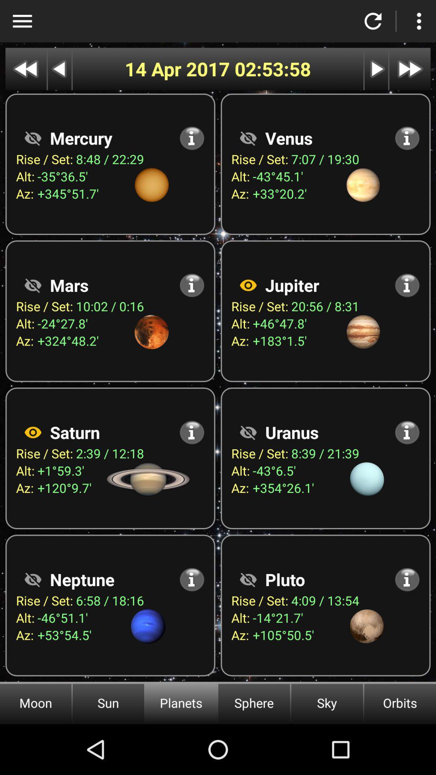  I want to click on hide tab, so click(32, 138).